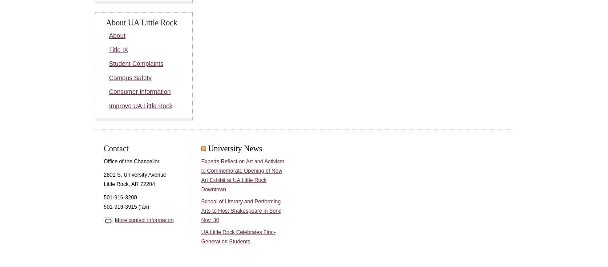 The image size is (608, 267). Describe the element at coordinates (140, 91) in the screenshot. I see `'Consumer Information'` at that location.